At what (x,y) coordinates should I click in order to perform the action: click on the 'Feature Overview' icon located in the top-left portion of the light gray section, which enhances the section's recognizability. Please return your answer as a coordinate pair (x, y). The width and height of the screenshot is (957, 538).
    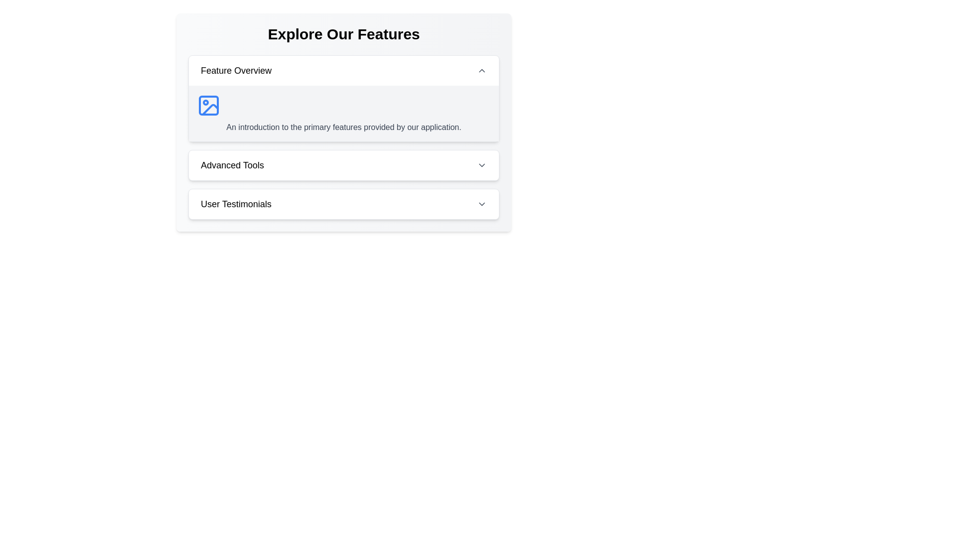
    Looking at the image, I should click on (208, 106).